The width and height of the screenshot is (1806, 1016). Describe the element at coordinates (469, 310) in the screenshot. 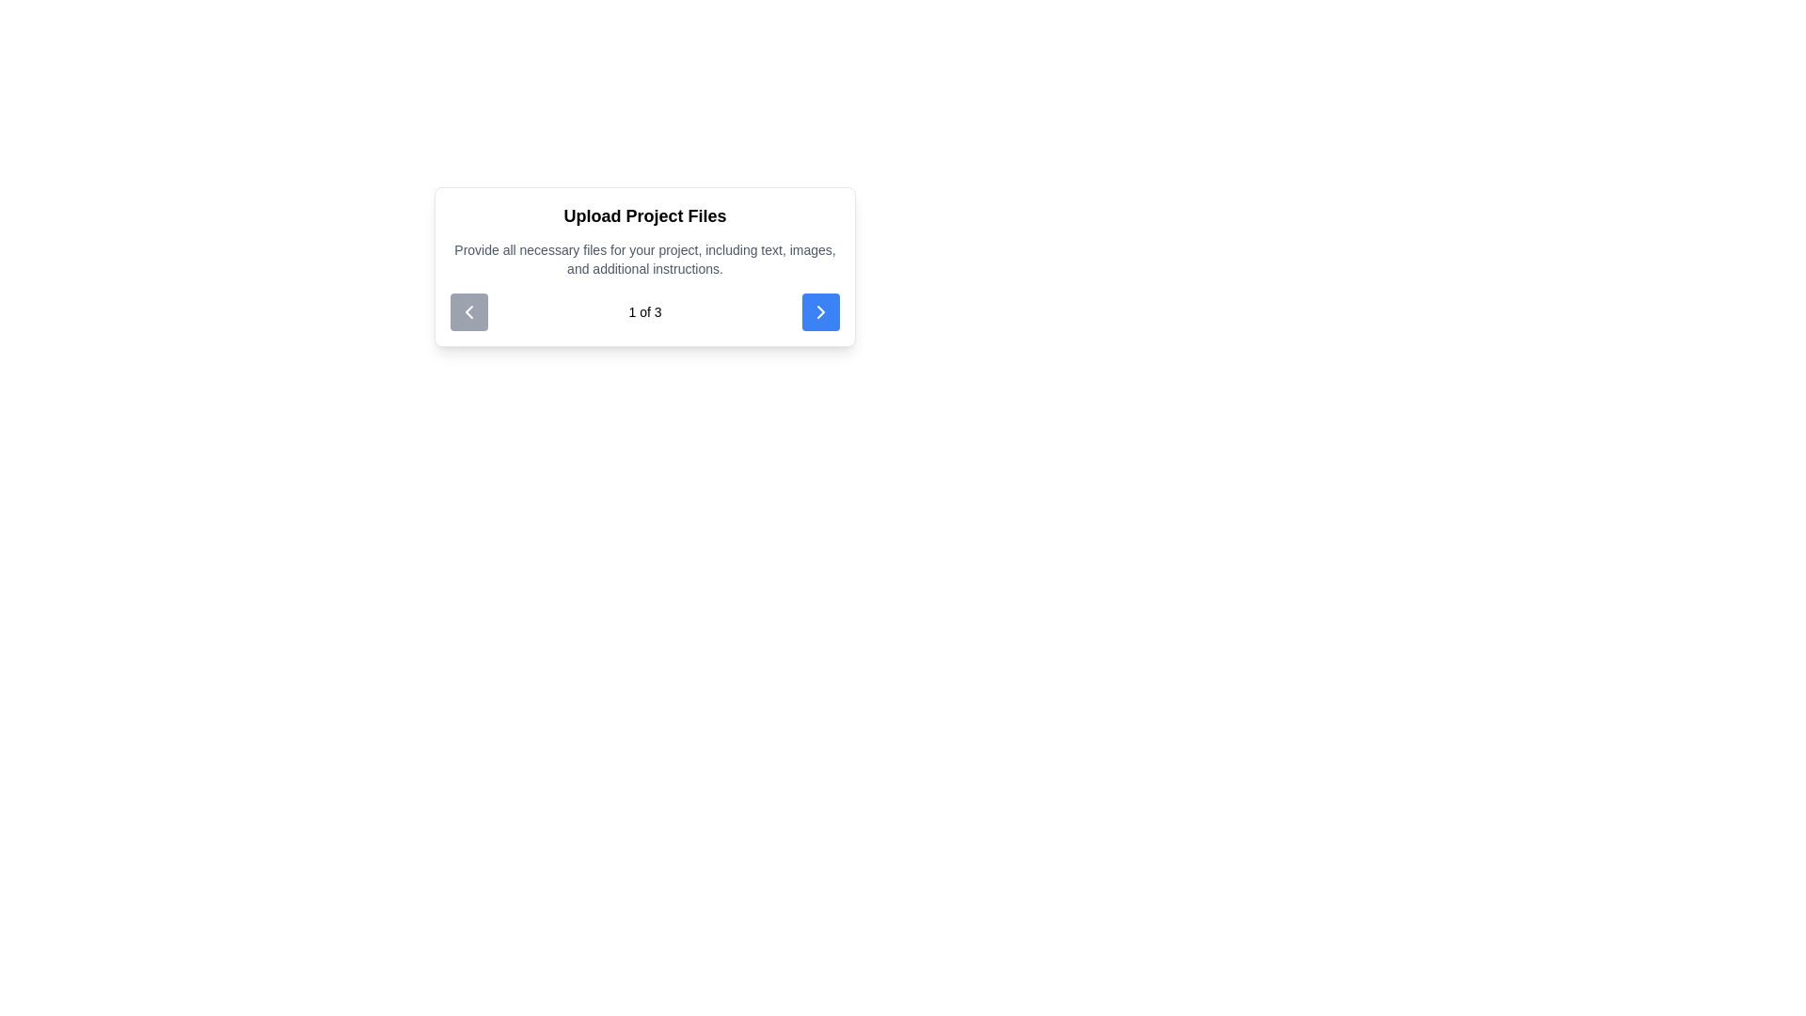

I see `the left-pointing chevron arrow icon` at that location.